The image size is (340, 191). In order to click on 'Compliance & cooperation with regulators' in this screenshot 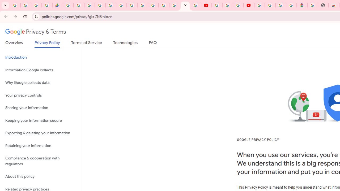, I will do `click(40, 161)`.